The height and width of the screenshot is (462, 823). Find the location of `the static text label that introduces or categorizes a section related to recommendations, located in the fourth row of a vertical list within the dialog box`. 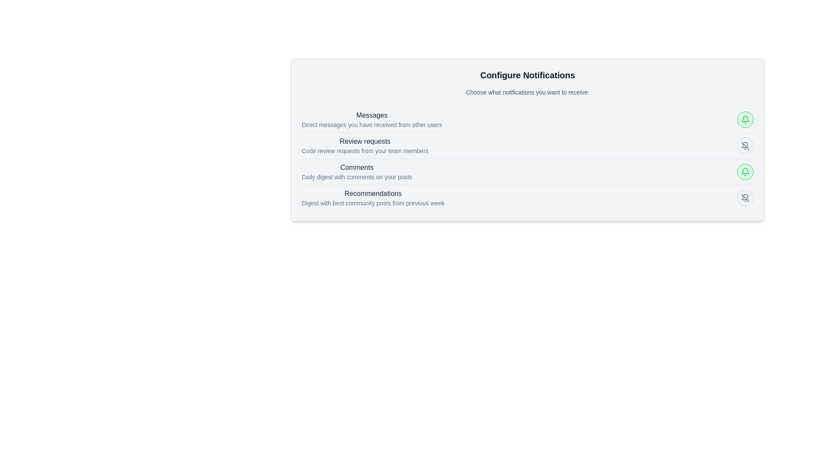

the static text label that introduces or categorizes a section related to recommendations, located in the fourth row of a vertical list within the dialog box is located at coordinates (373, 193).